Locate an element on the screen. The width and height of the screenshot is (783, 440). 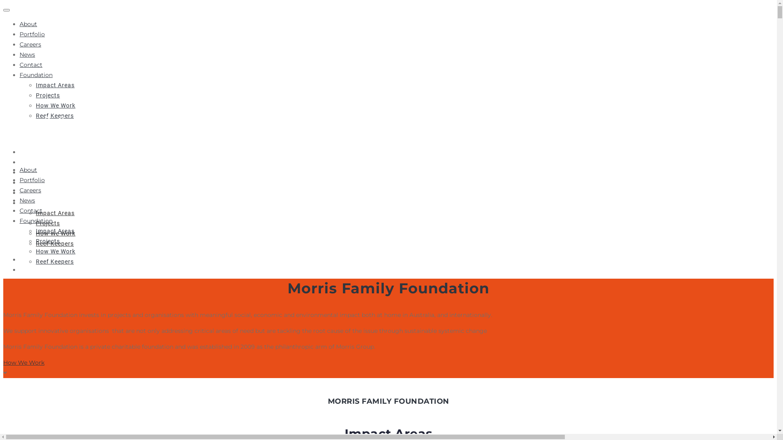
'Reef Keepers' is located at coordinates (35, 116).